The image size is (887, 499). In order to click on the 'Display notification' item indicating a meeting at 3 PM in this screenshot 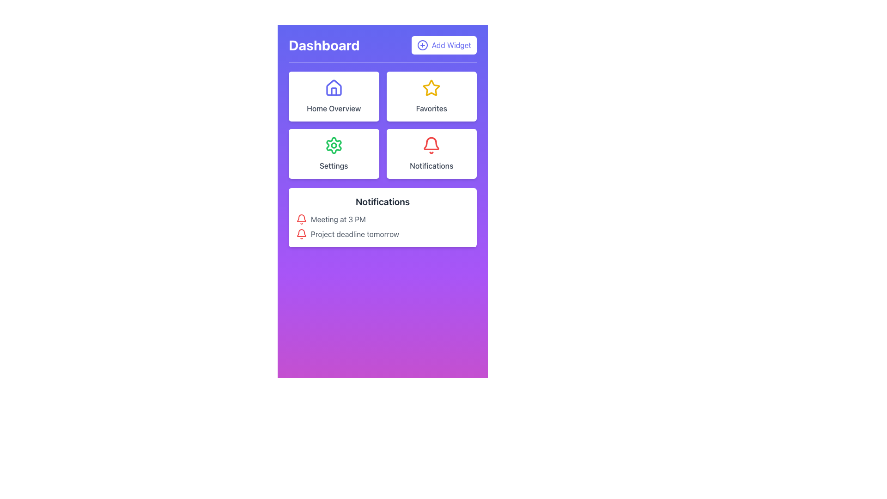, I will do `click(383, 219)`.